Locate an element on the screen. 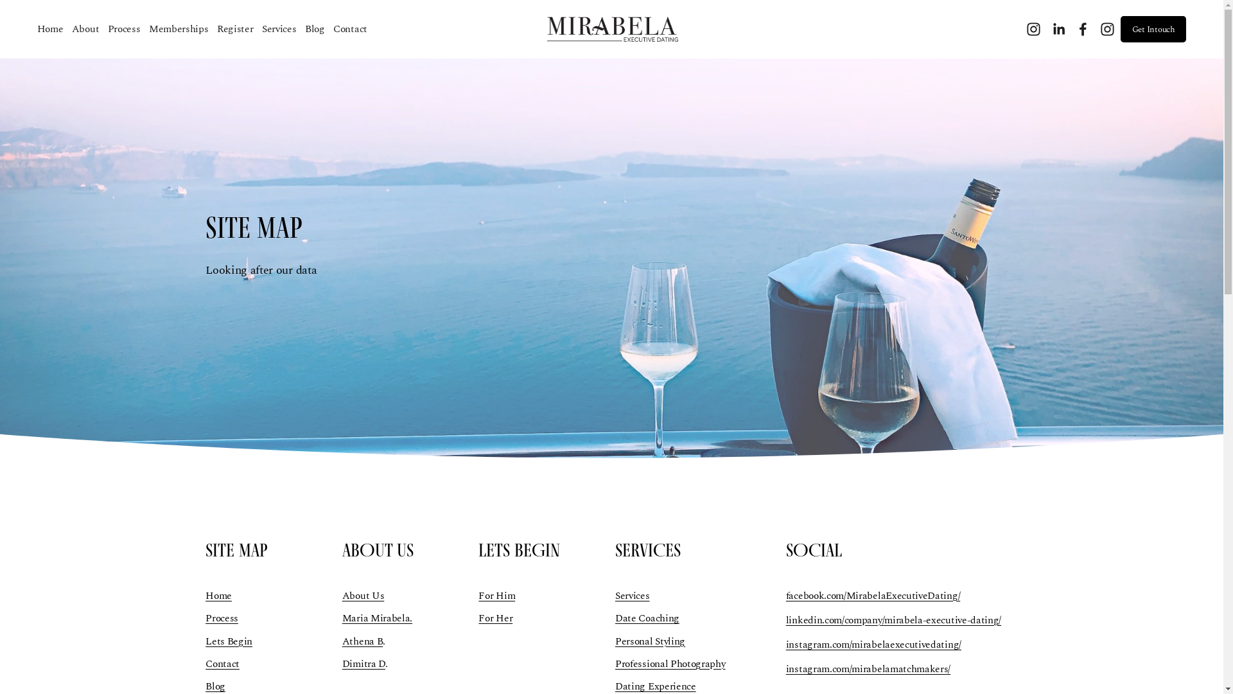  'Register' is located at coordinates (235, 29).